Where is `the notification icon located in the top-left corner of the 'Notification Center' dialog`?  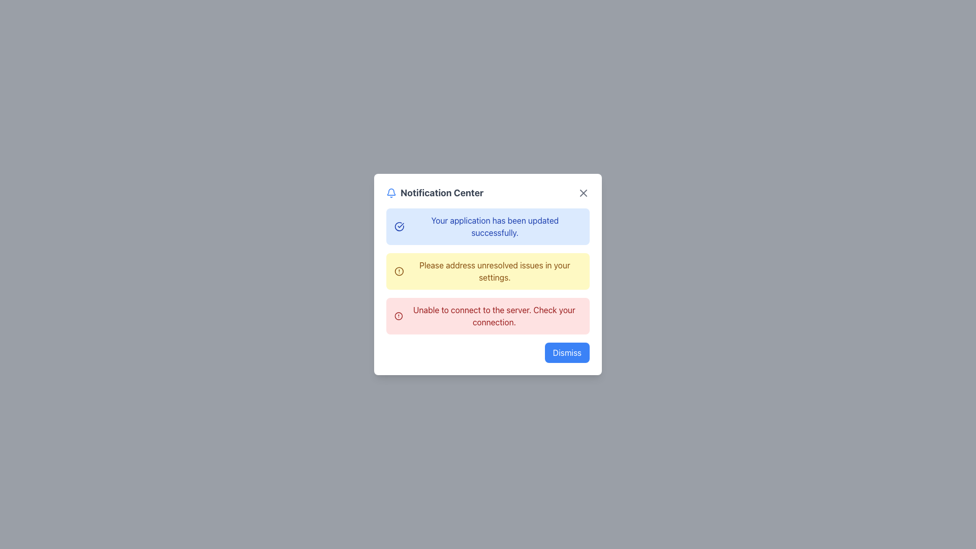
the notification icon located in the top-left corner of the 'Notification Center' dialog is located at coordinates (390, 193).